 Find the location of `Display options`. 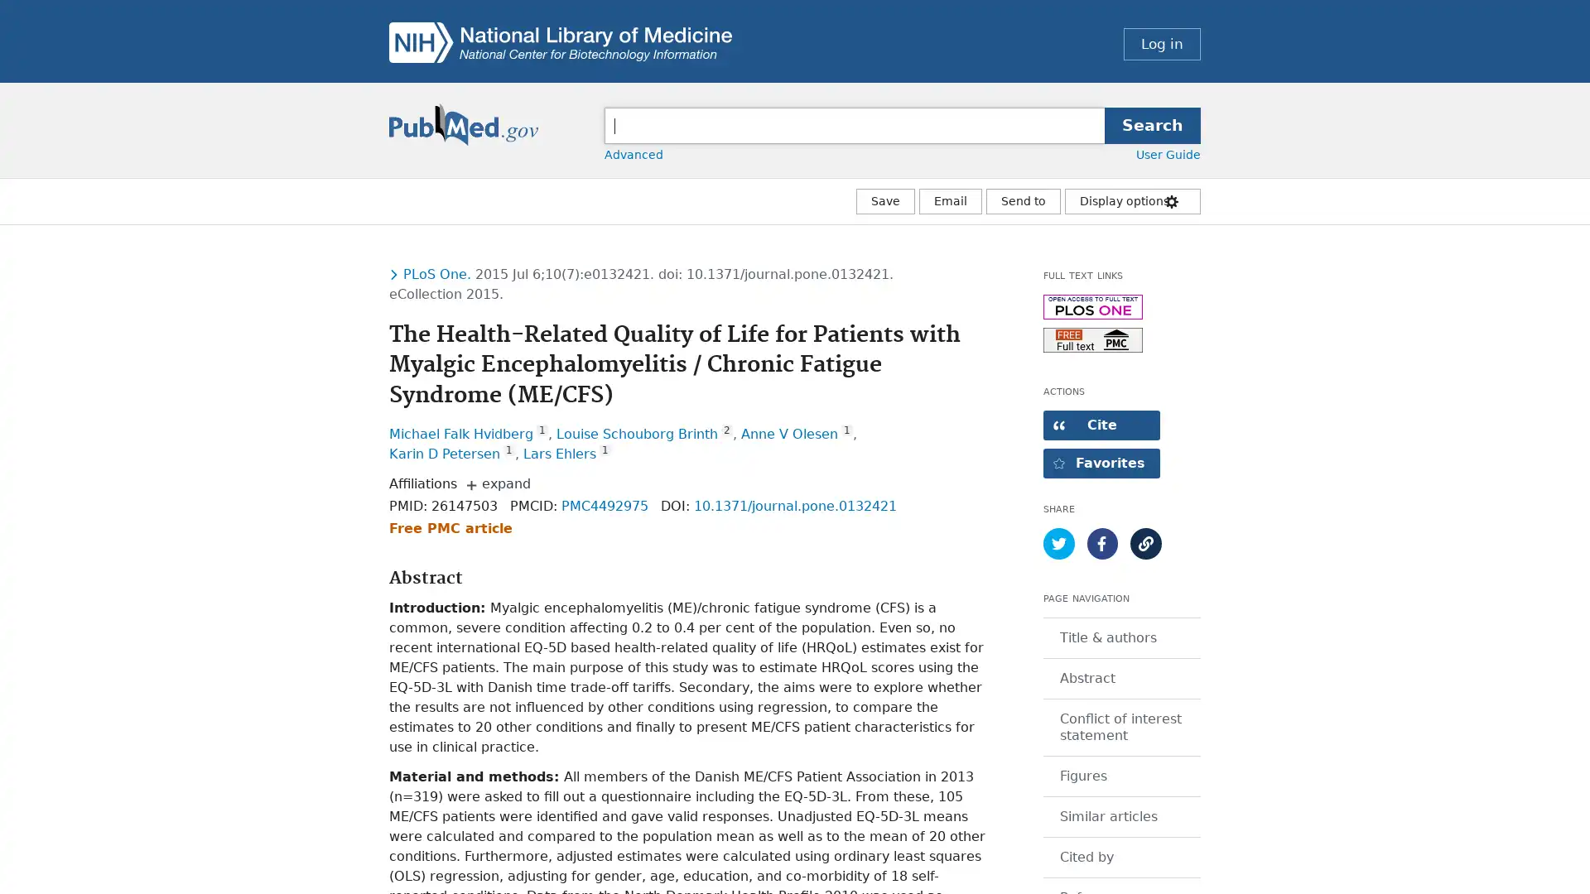

Display options is located at coordinates (1132, 200).